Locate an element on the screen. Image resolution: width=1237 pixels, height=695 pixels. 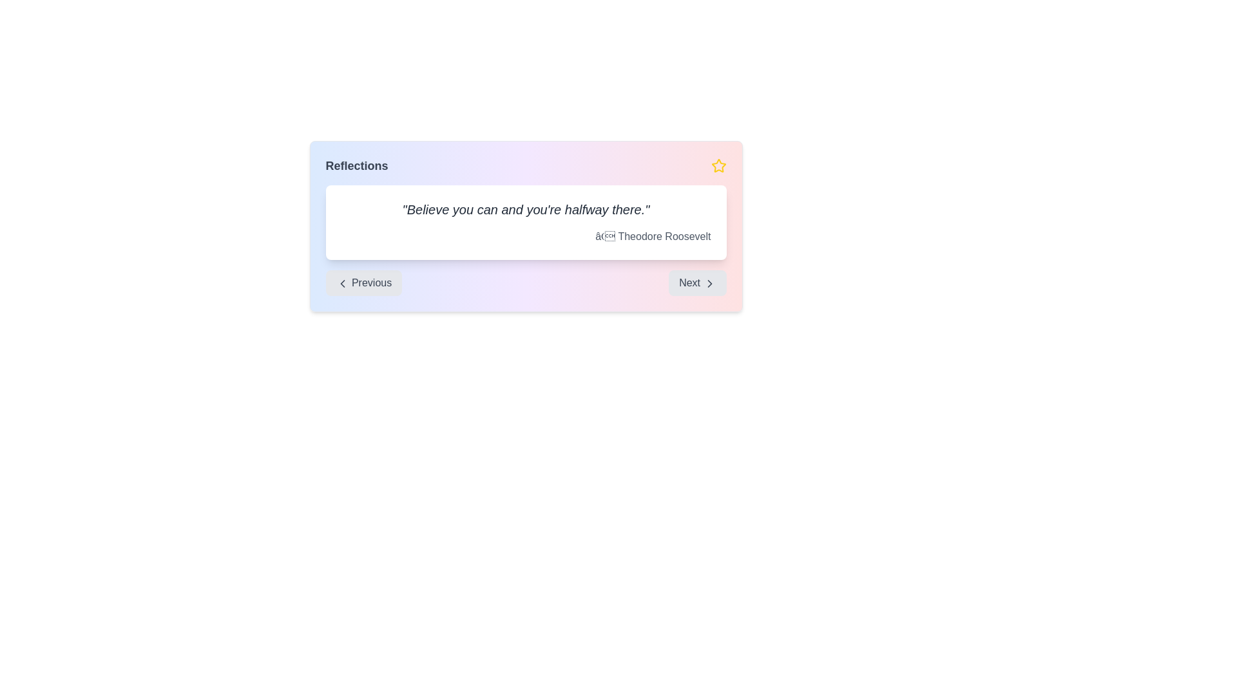
the Right-chevron icon within the 'Next' button is located at coordinates (709, 283).